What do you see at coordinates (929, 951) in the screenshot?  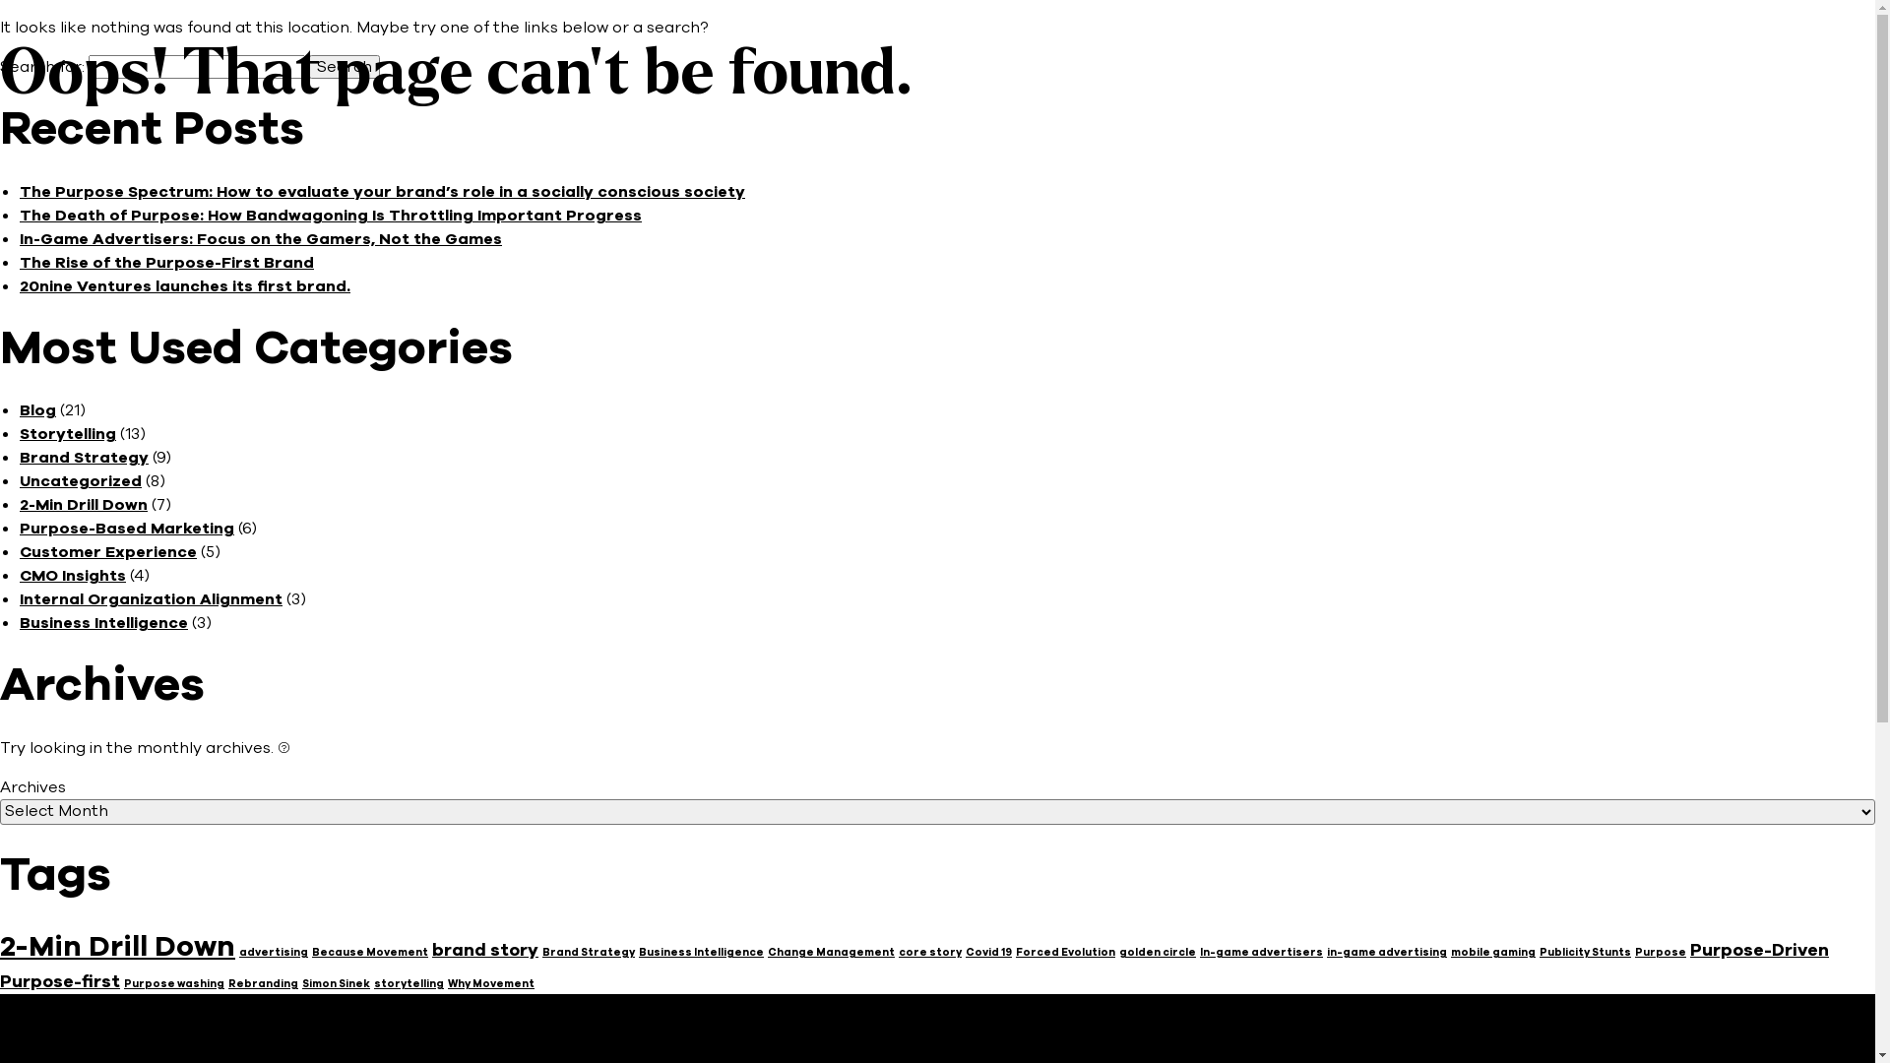 I see `'core story'` at bounding box center [929, 951].